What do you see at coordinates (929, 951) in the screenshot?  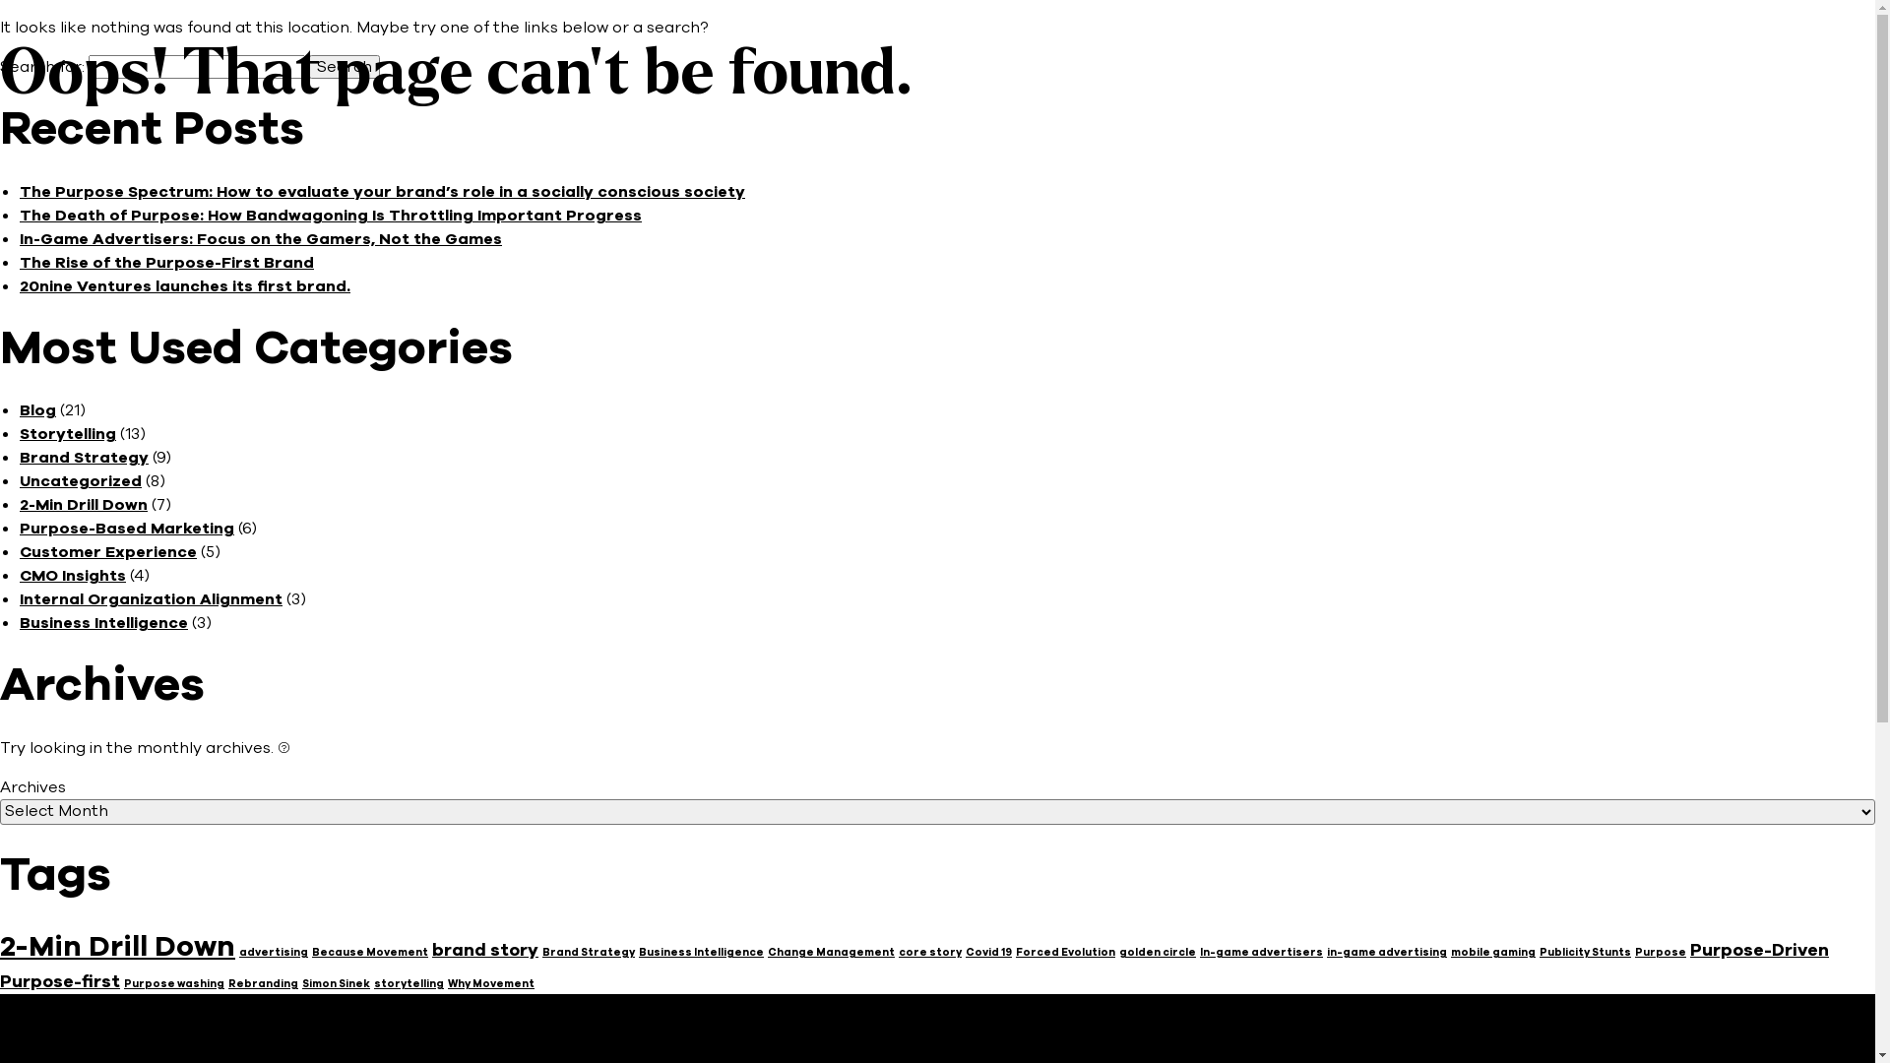 I see `'core story'` at bounding box center [929, 951].